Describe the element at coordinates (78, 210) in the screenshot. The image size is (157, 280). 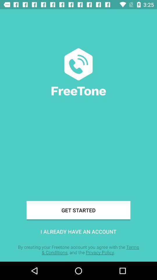
I see `the get started item` at that location.